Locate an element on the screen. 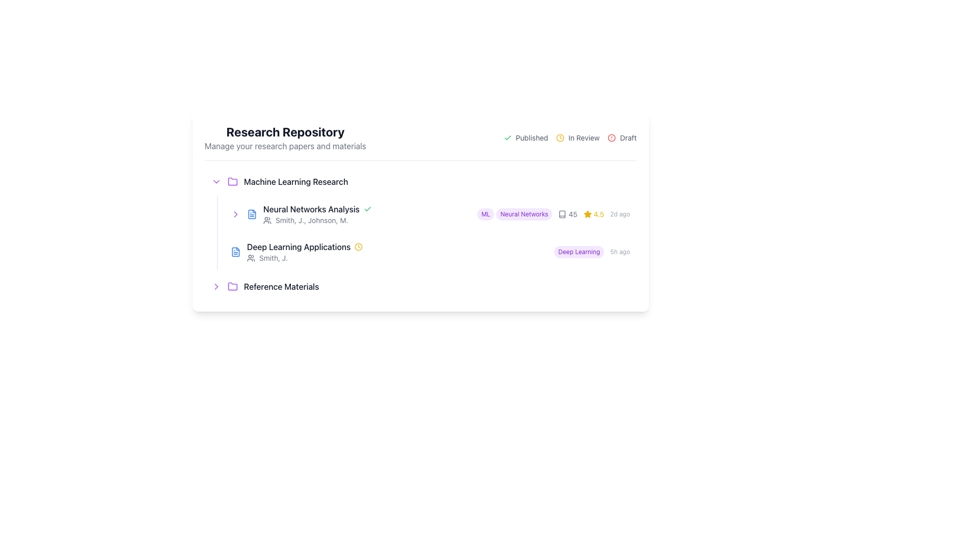 The image size is (978, 550). the status icon indicating 'Draft' located in the top-right section of the interface is located at coordinates (611, 137).